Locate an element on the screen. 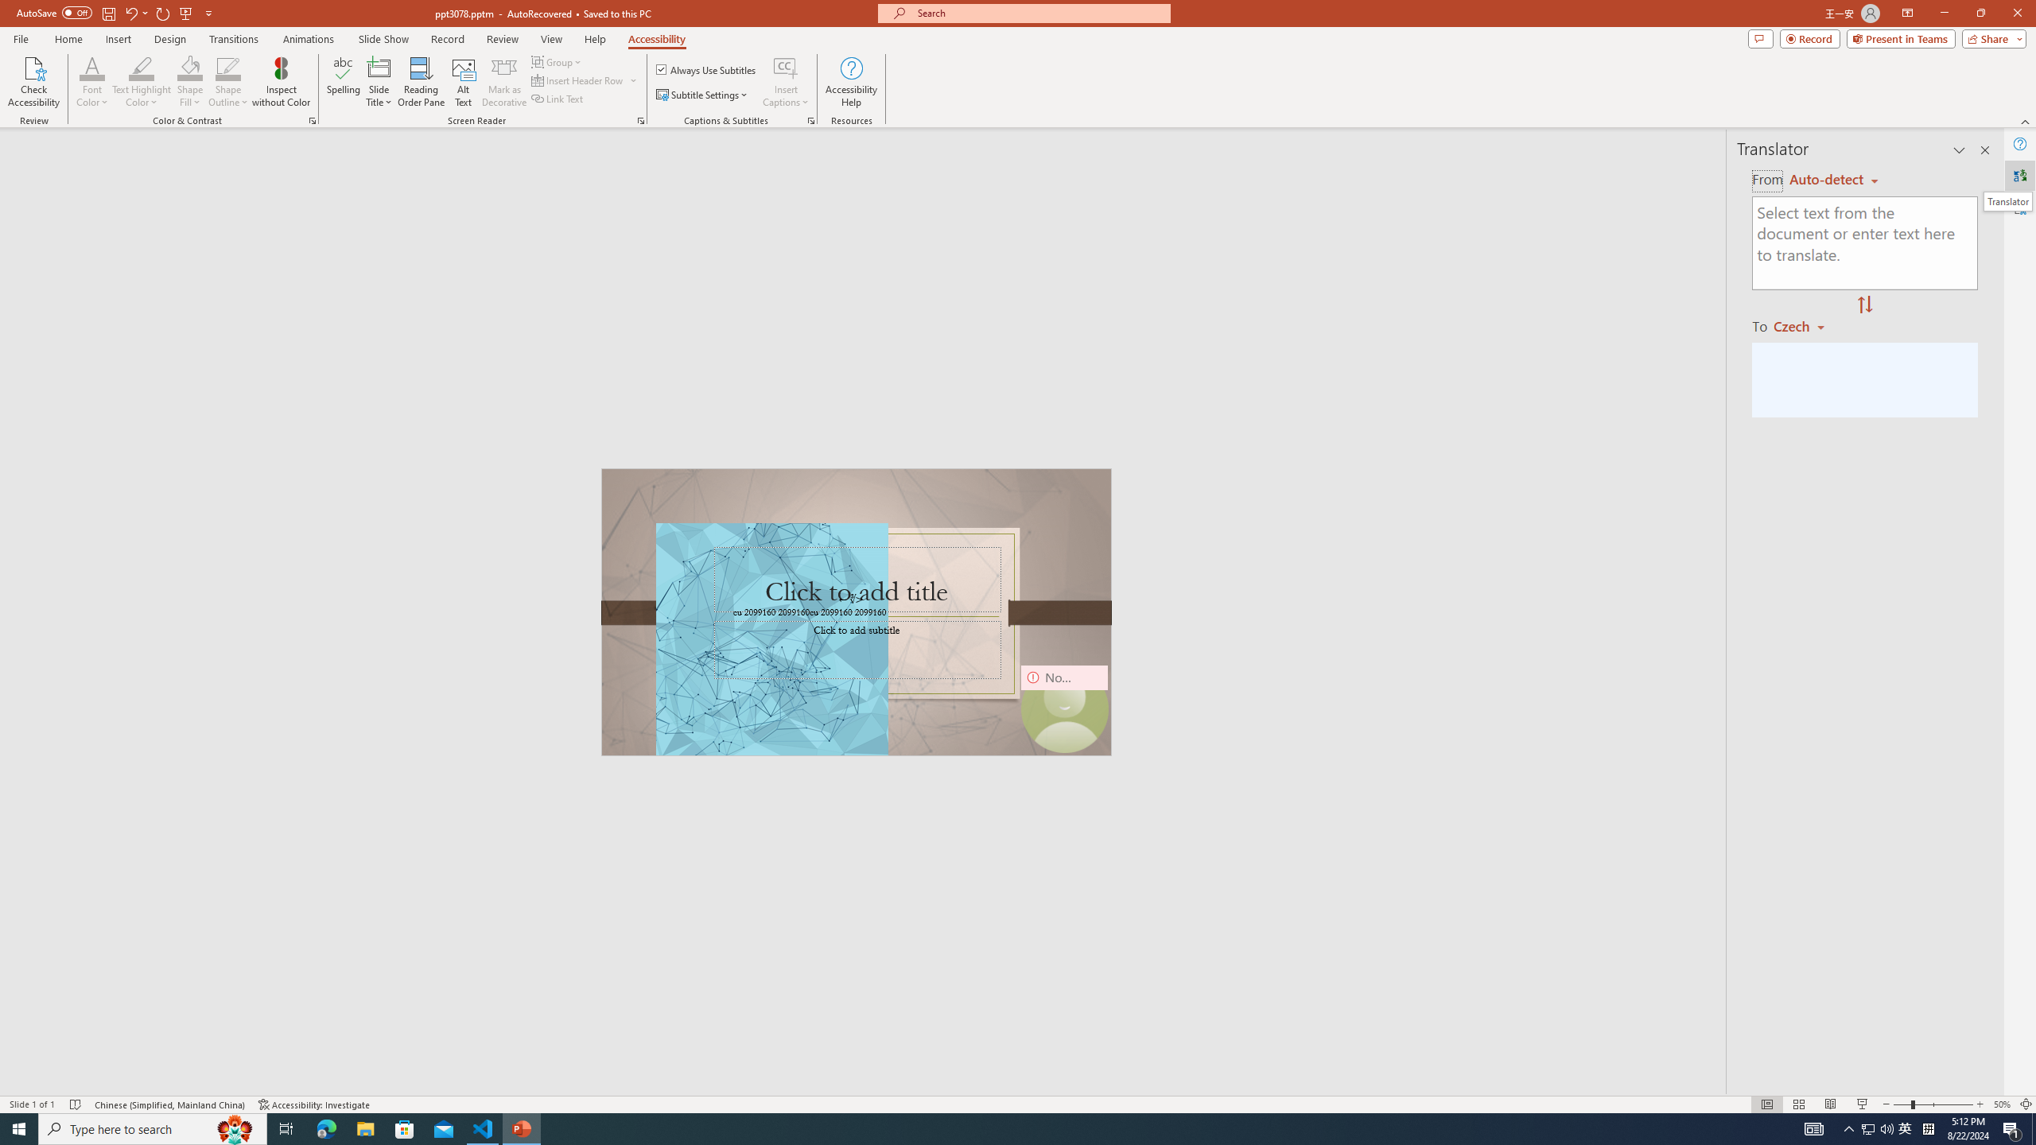 This screenshot has height=1145, width=2036. 'Text Highlight Color' is located at coordinates (140, 67).